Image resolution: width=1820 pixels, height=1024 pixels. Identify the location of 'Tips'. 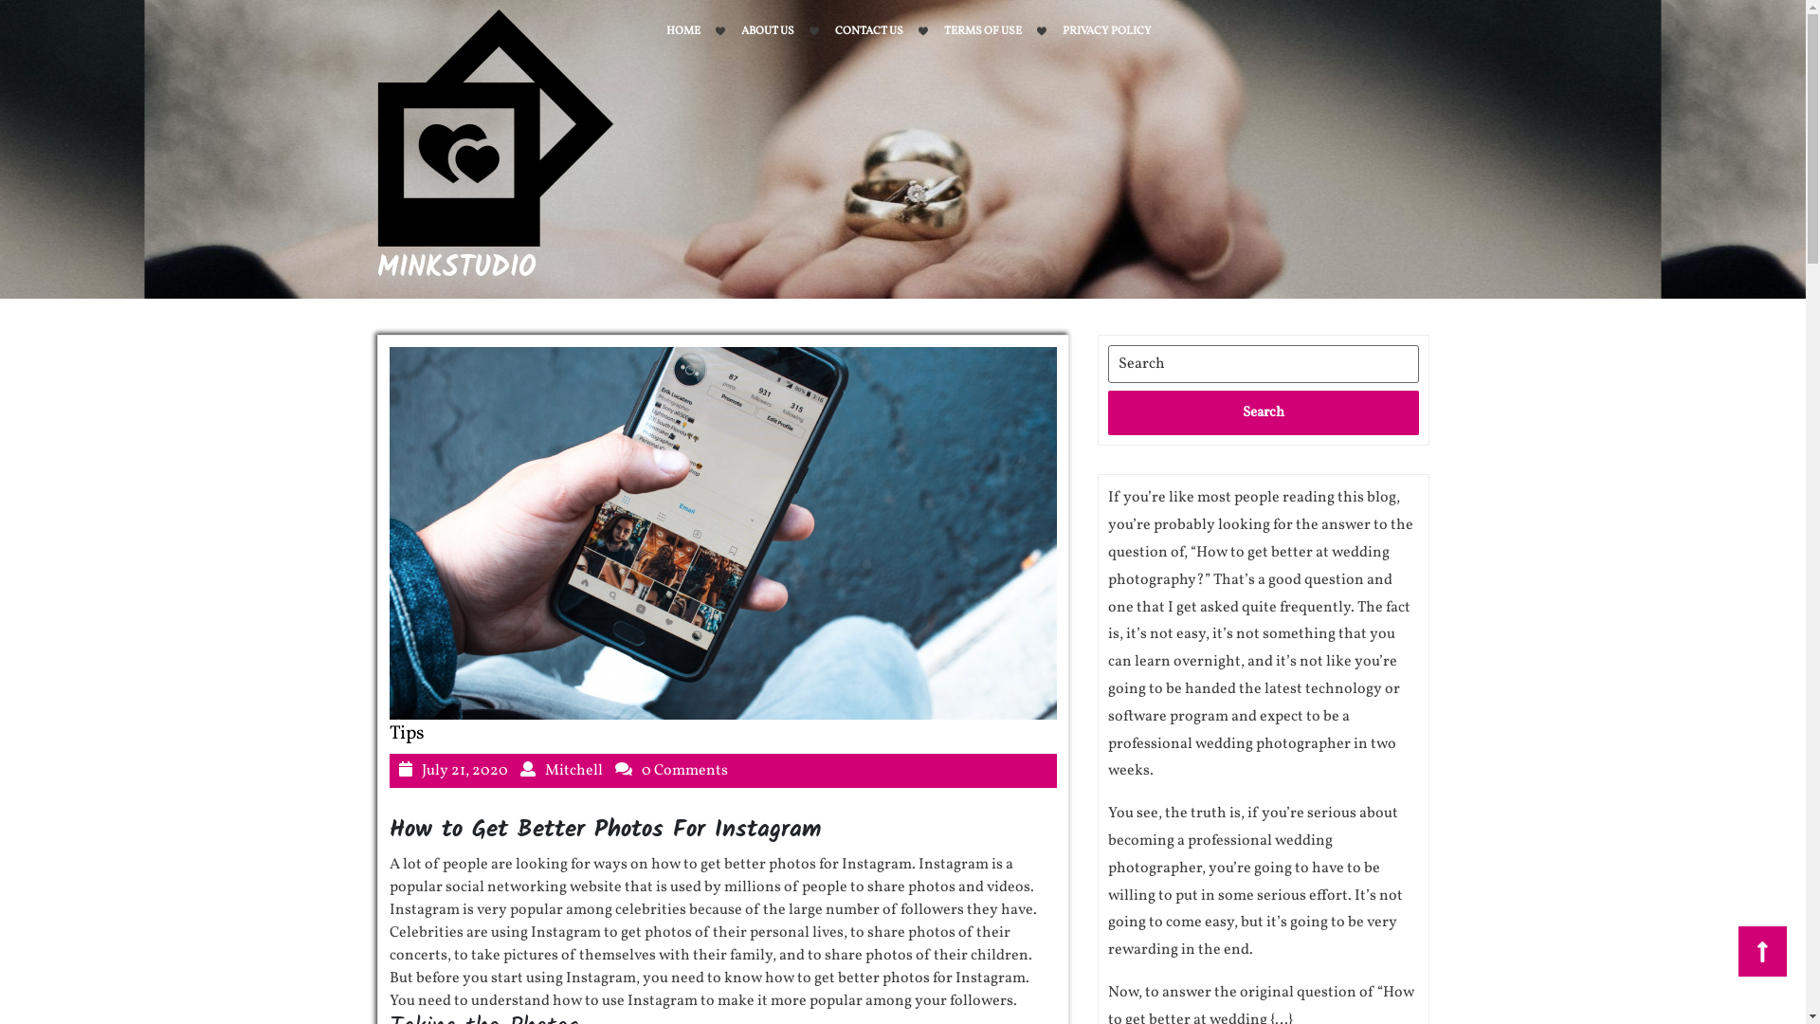
(405, 733).